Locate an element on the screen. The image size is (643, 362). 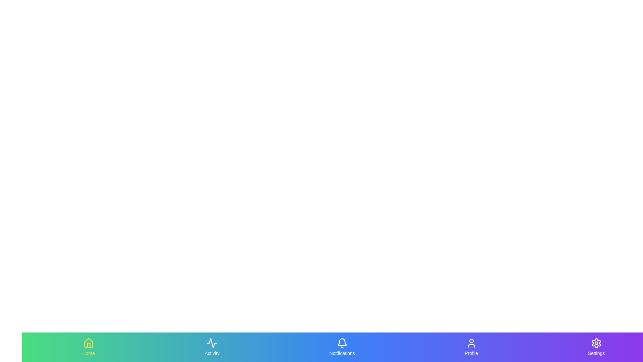
the navigation tab labeled Home to see the hover effect is located at coordinates (88, 347).